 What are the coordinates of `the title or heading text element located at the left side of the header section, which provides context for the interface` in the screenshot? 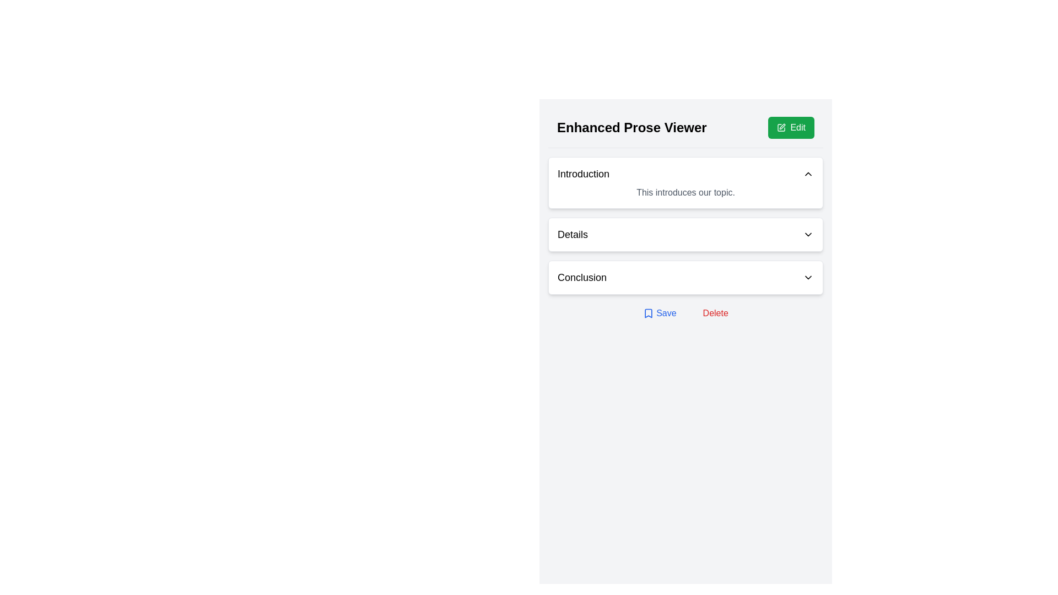 It's located at (631, 127).